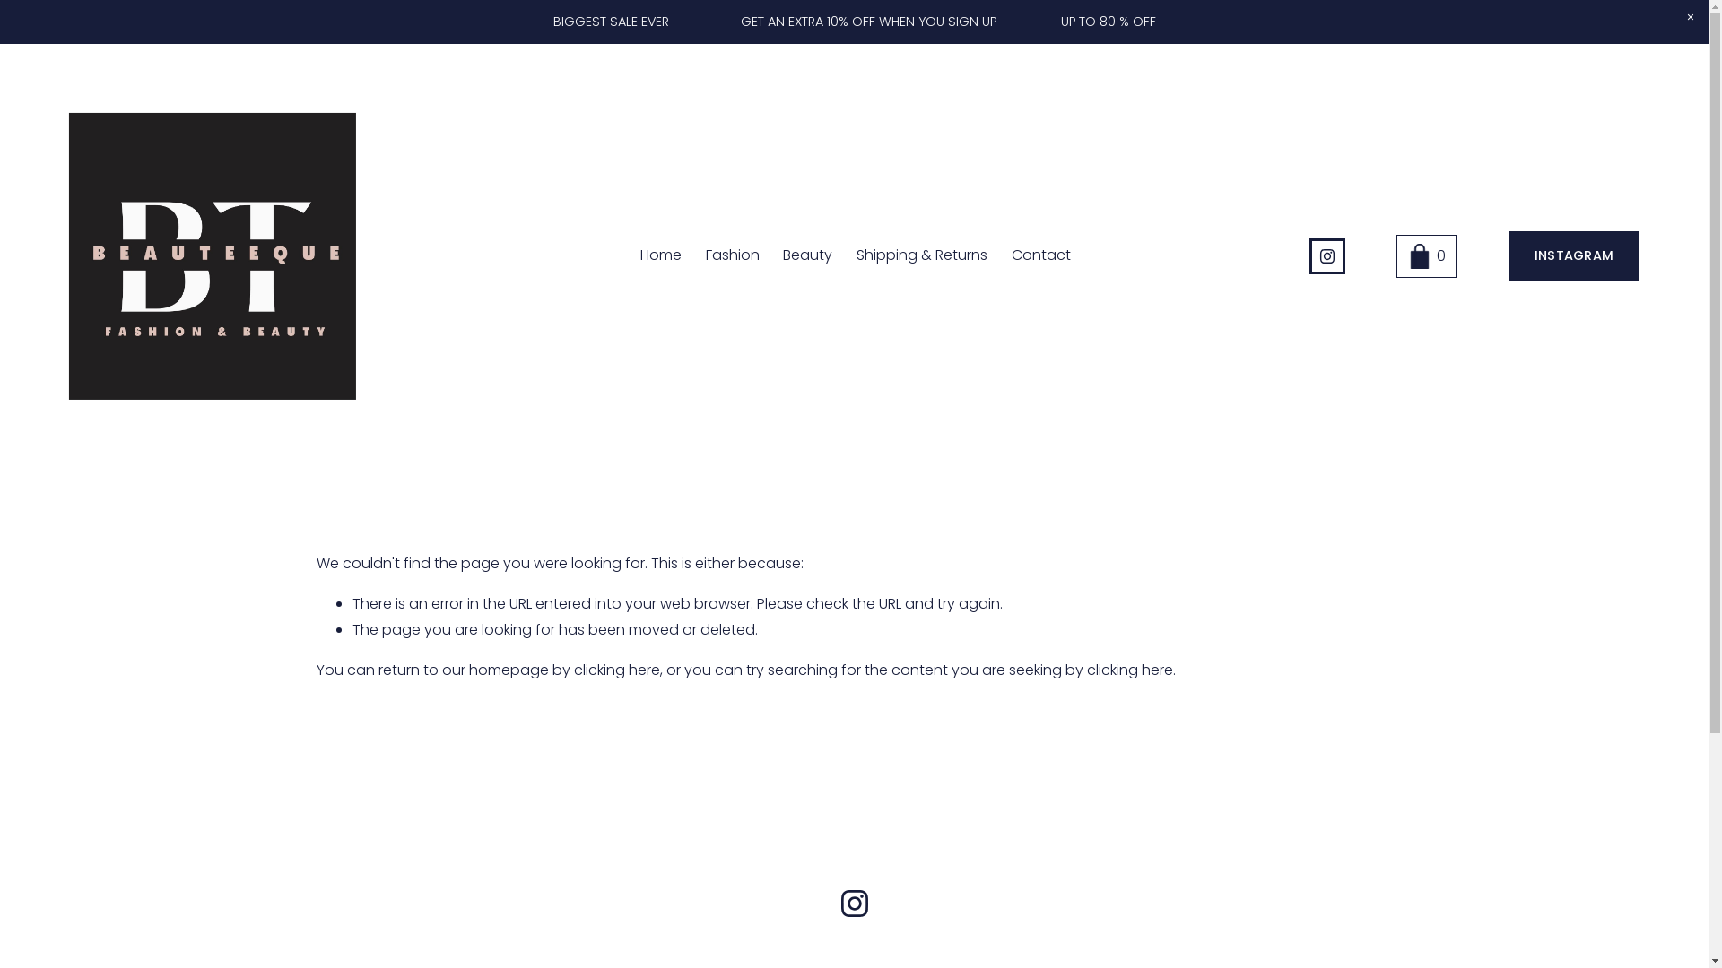  What do you see at coordinates (732, 255) in the screenshot?
I see `'Fashion'` at bounding box center [732, 255].